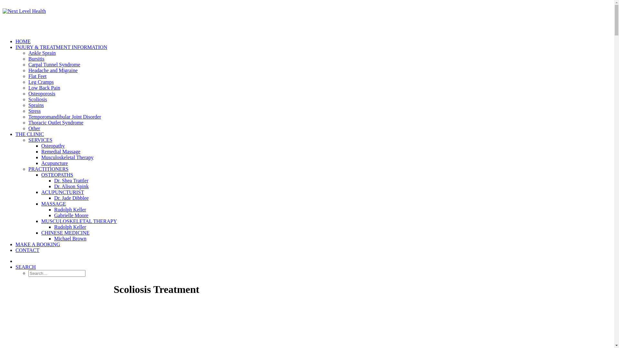  What do you see at coordinates (62, 192) in the screenshot?
I see `'ACUPUNCTURIST'` at bounding box center [62, 192].